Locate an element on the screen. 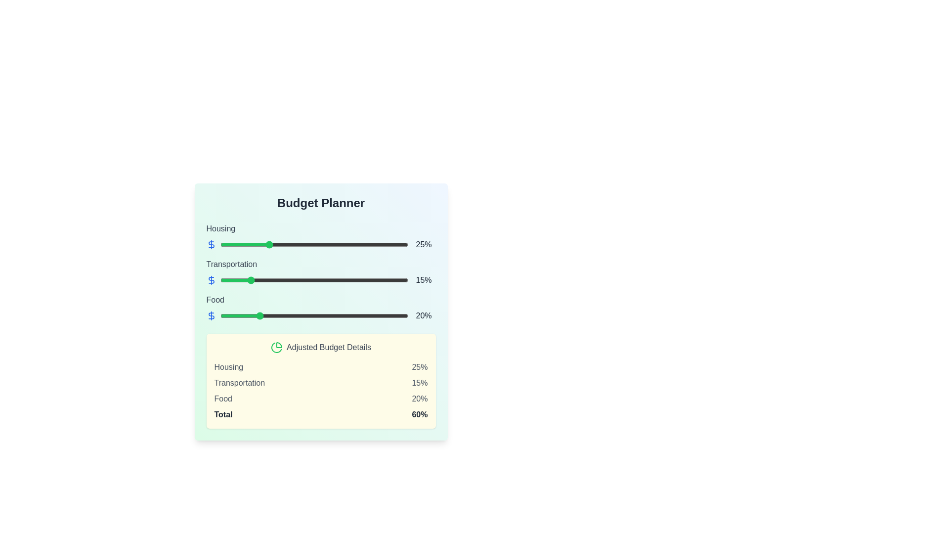 Image resolution: width=949 pixels, height=534 pixels. the text label indicating adjusted budget details, which is positioned to the right of a green pie chart icon in the Budget Planner interface is located at coordinates (329, 347).